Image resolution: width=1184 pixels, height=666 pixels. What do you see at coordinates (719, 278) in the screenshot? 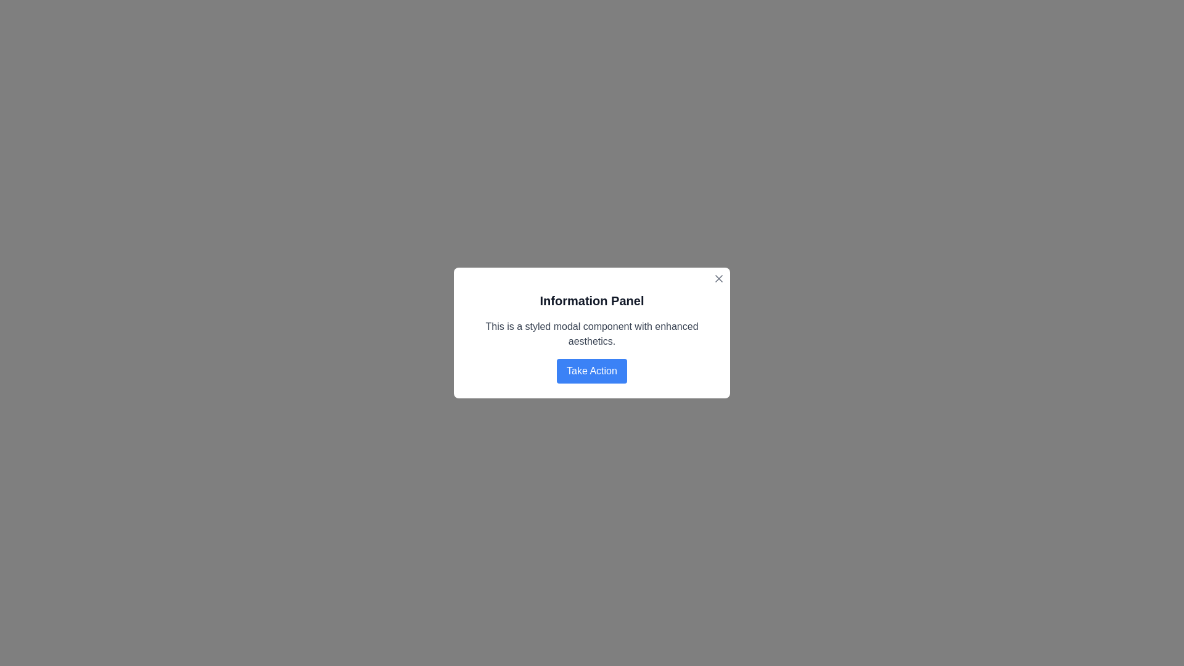
I see `the close button located at the top-right corner of the modal panel to change its color` at bounding box center [719, 278].